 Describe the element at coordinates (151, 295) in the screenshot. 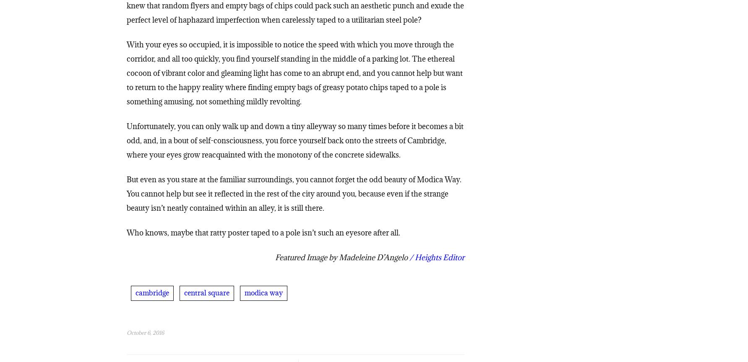

I see `'cambridge'` at that location.